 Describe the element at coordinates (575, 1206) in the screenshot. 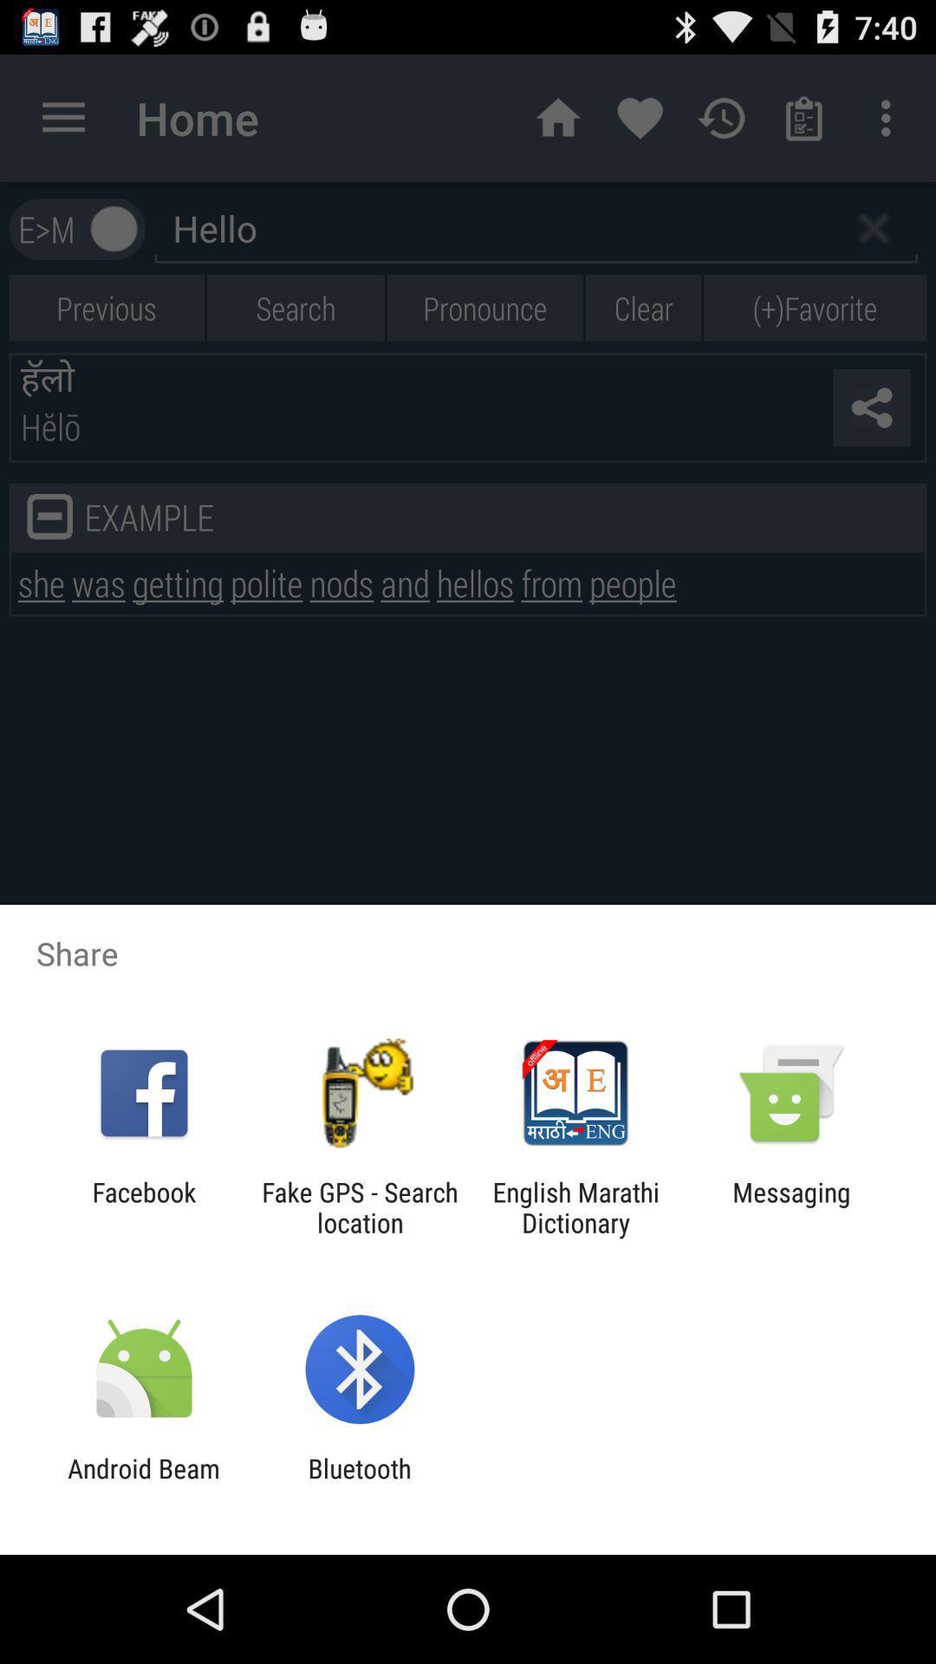

I see `the item next to the fake gps search app` at that location.